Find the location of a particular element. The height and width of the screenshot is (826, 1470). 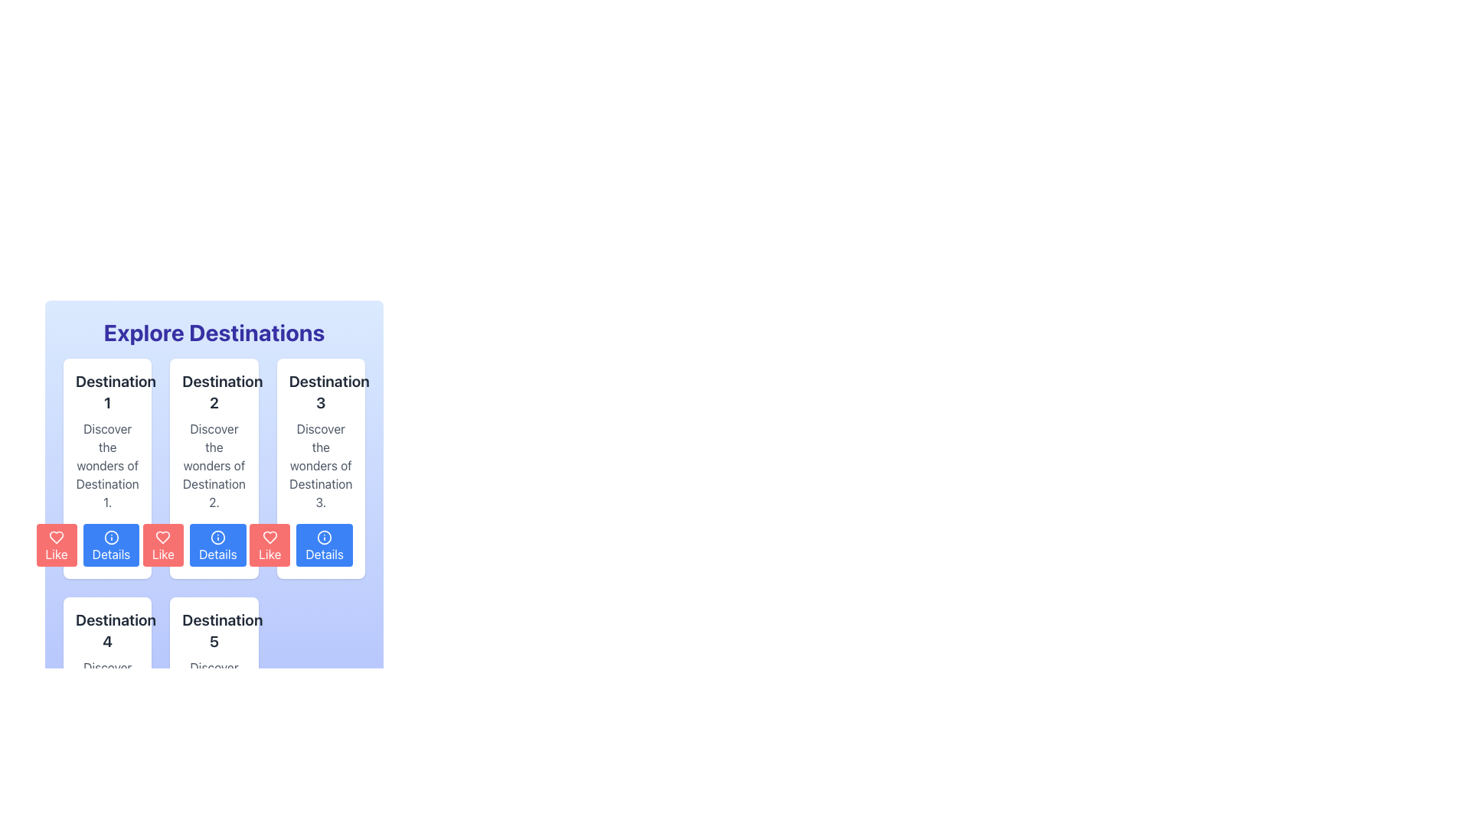

the 'Details' button, which is a rectangular button with white text on a blue background and an 'i' icon, located in the bottom right corner of the 'Destination 3' card in the 'Explore Destinations' grid is located at coordinates (320, 545).